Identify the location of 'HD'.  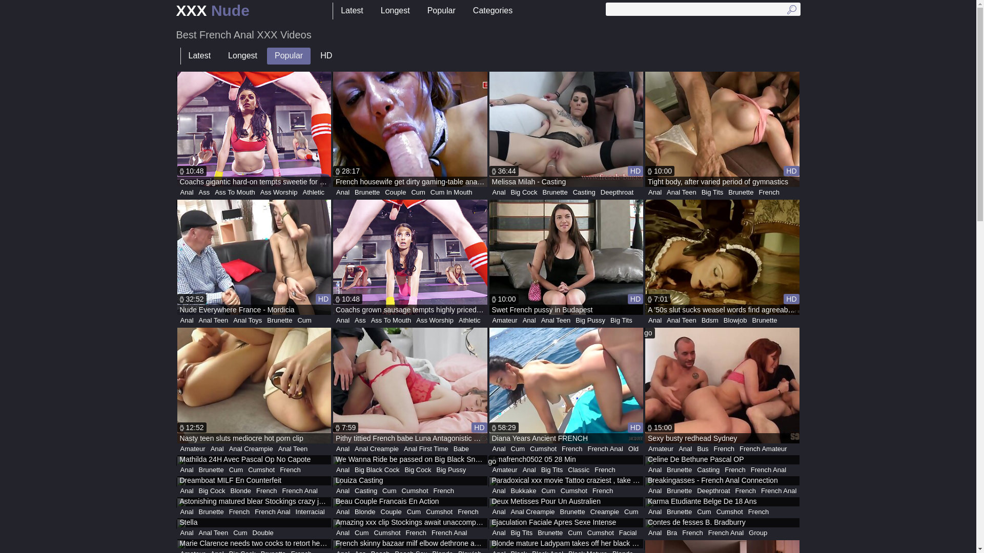
(325, 56).